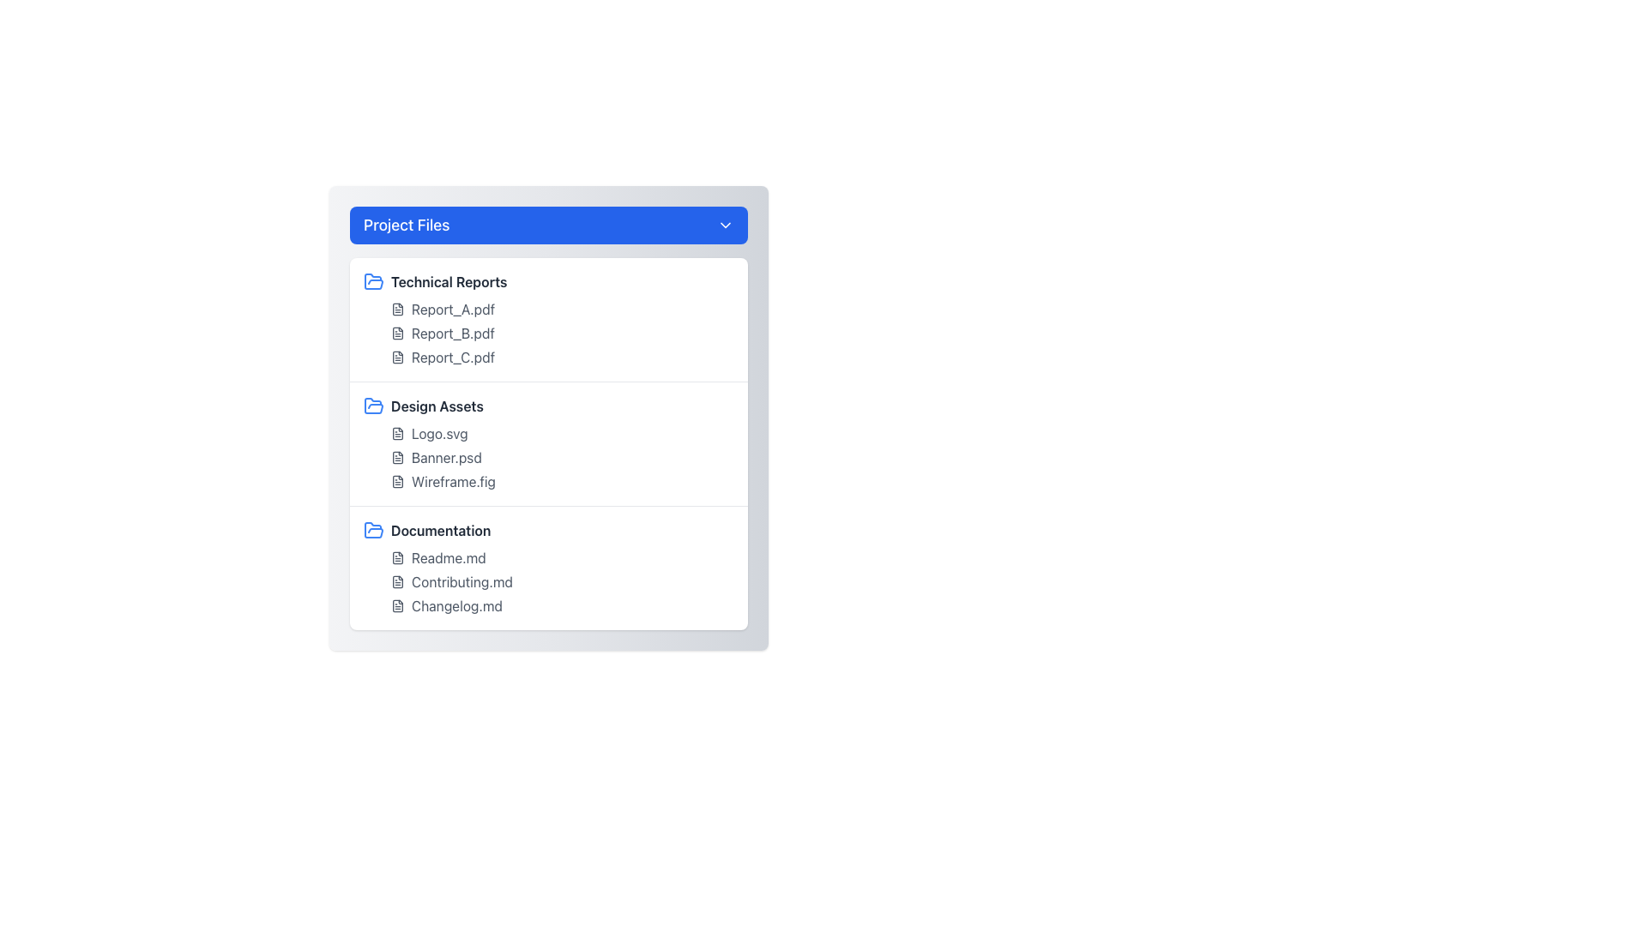  What do you see at coordinates (397, 604) in the screenshot?
I see `the small gray file icon resembling a document with a folded corner, located to the left of the text label 'Changelog.md' in the 'Documentation' section` at bounding box center [397, 604].